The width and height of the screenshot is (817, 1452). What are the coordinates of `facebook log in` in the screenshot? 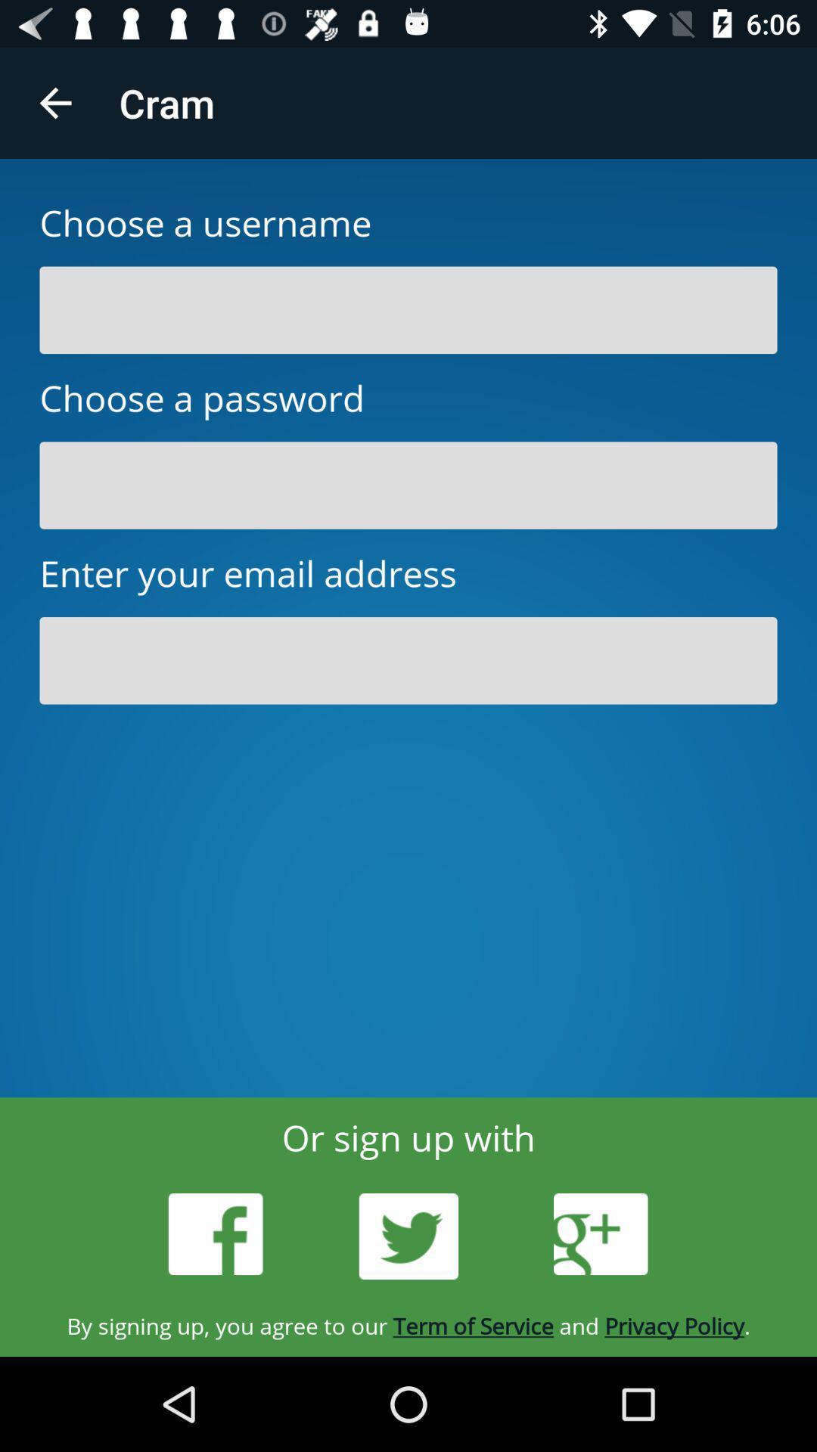 It's located at (216, 1234).